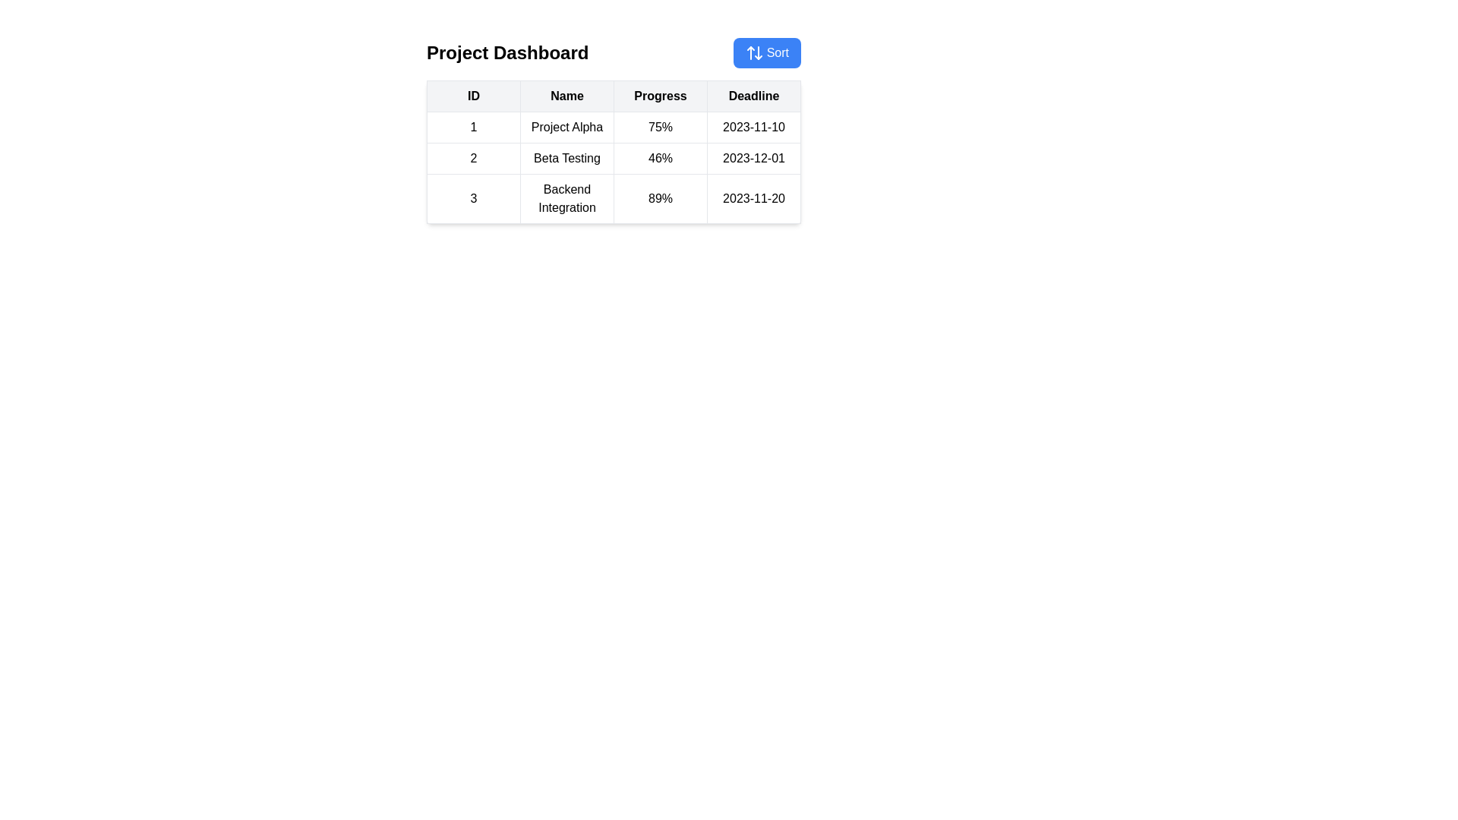 The width and height of the screenshot is (1458, 820). I want to click on the 'Progress' cell in the second row of the project data table within the 'Project Dashboard' section, which displays 46% for the project named 'Beta Testing', so click(614, 152).